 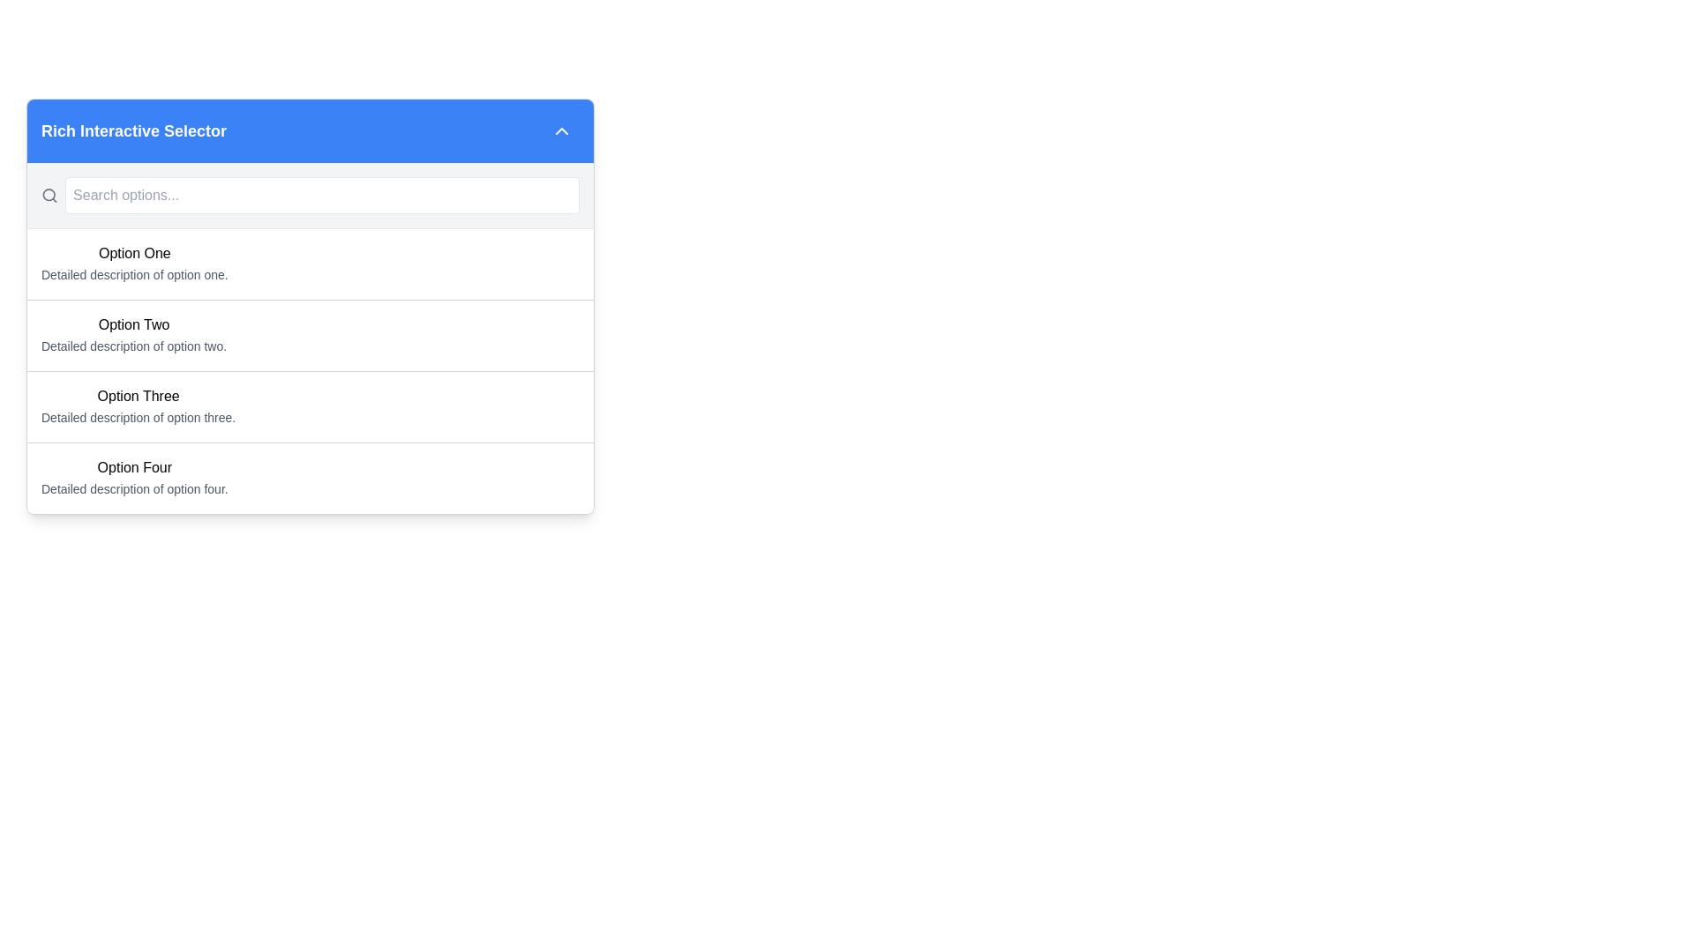 What do you see at coordinates (310, 369) in the screenshot?
I see `texts within the interactive menu that contains four vertically arranged options, styled with a light background and thin dividers, located below the search bar` at bounding box center [310, 369].